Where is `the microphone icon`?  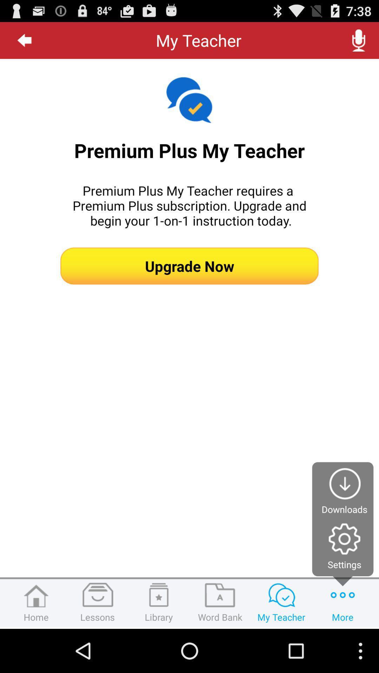
the microphone icon is located at coordinates (359, 43).